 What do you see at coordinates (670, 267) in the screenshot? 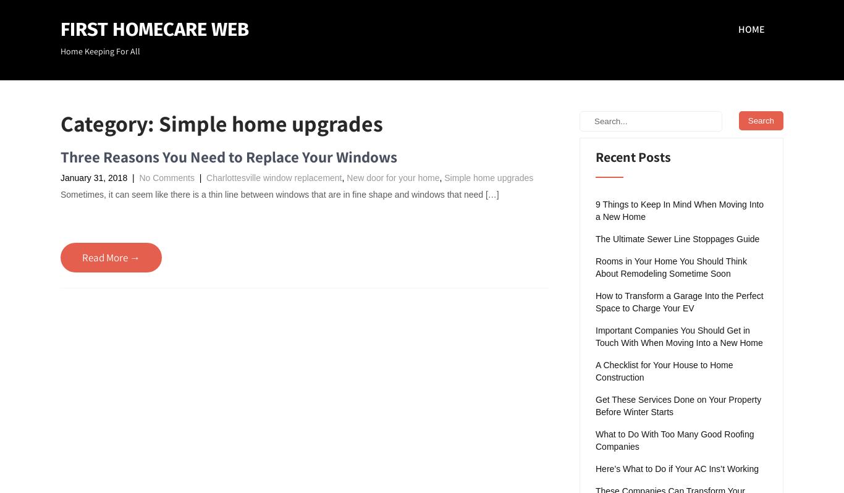
I see `'Rooms in Your Home You Should Think About Remodeling Sometime Soon'` at bounding box center [670, 267].